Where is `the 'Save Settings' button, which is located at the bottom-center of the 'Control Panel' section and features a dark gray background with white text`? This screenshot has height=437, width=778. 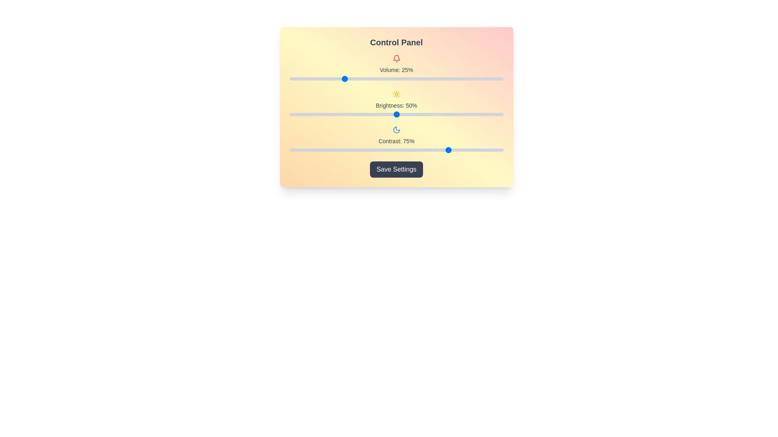
the 'Save Settings' button, which is located at the bottom-center of the 'Control Panel' section and features a dark gray background with white text is located at coordinates (396, 169).